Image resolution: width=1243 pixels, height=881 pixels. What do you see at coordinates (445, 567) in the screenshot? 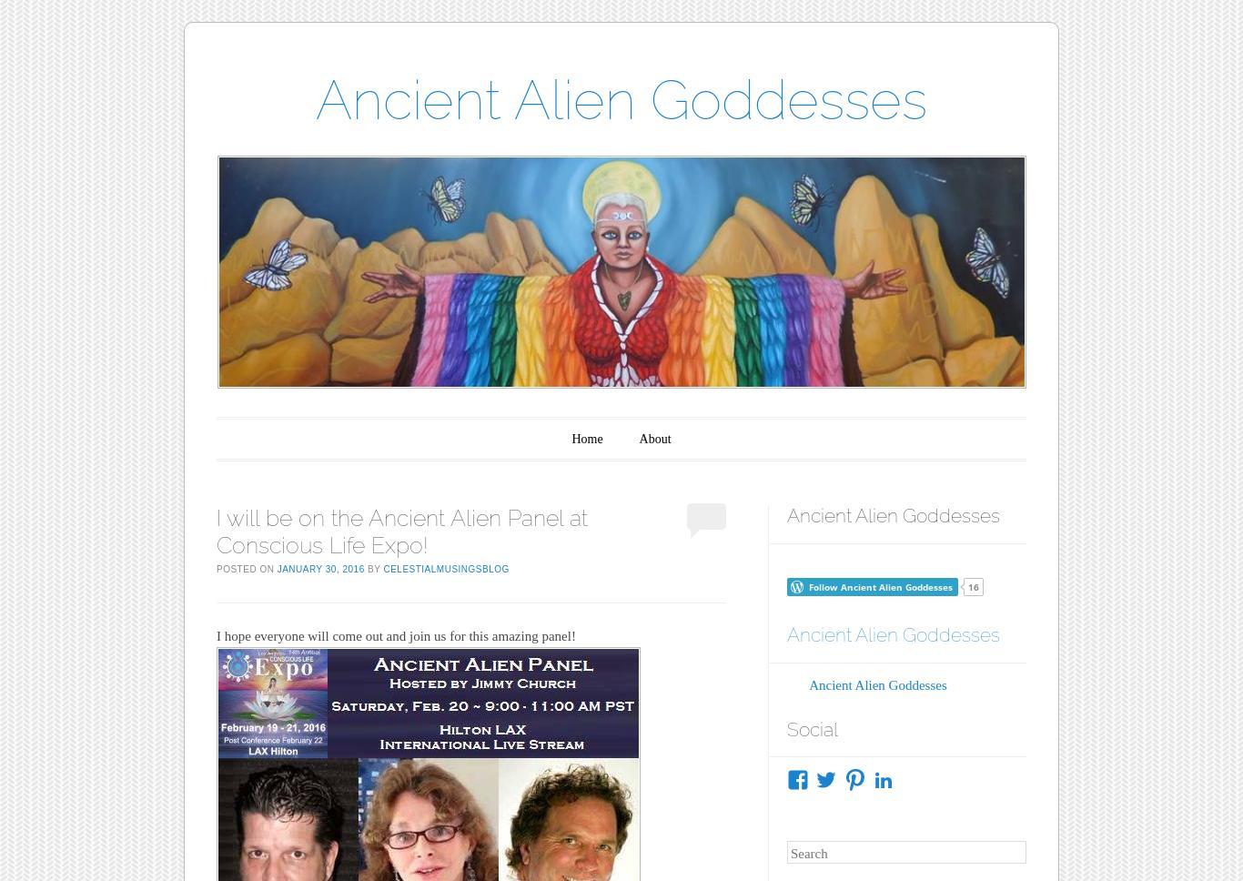
I see `'celestialmusingsblog'` at bounding box center [445, 567].